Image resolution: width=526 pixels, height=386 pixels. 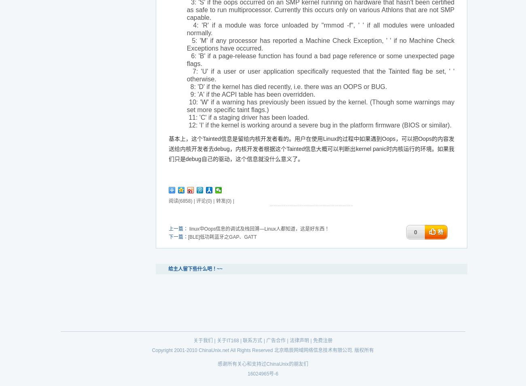 I want to click on '6: 'B' if a page-release function has found a bad page reference or some unexpected page flags.', so click(x=320, y=59).